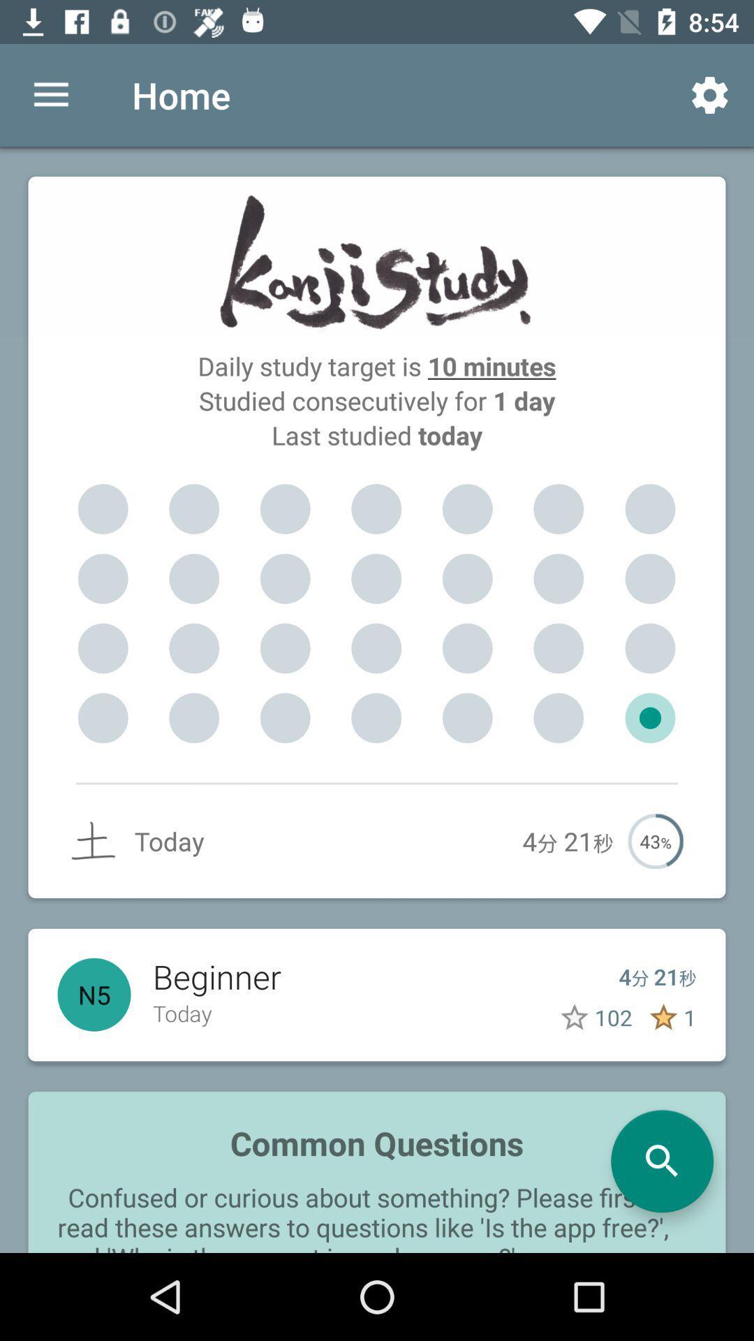  Describe the element at coordinates (661, 1161) in the screenshot. I see `search questions button` at that location.